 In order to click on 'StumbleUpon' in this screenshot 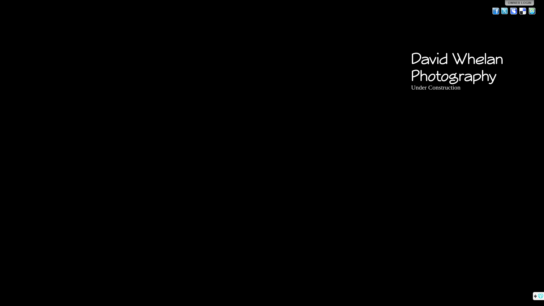, I will do `click(532, 11)`.